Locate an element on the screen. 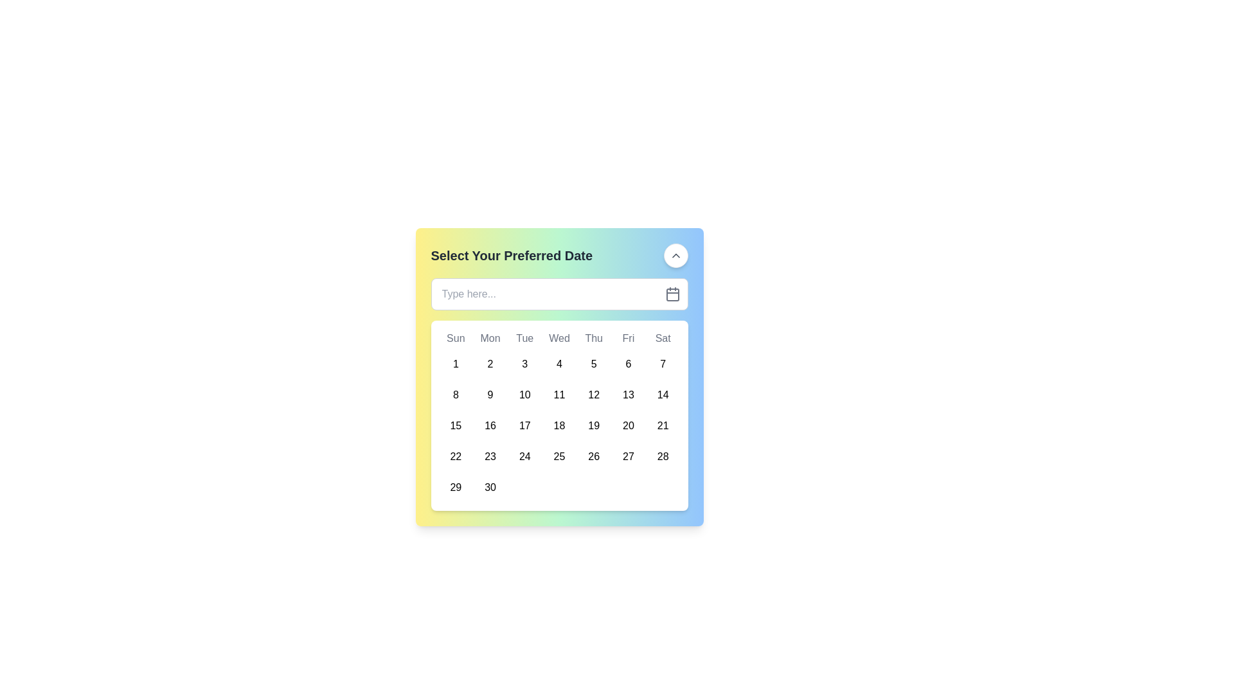 Image resolution: width=1234 pixels, height=694 pixels. the button labeled '15' which is styled in black bold font on a white circular background, located in the third row and first column of the calendar grid is located at coordinates (456, 426).